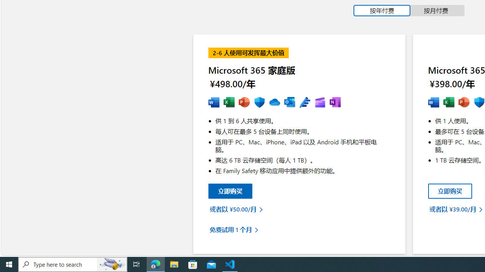 The width and height of the screenshot is (485, 272). I want to click on 'MS OneDrive', so click(274, 102).